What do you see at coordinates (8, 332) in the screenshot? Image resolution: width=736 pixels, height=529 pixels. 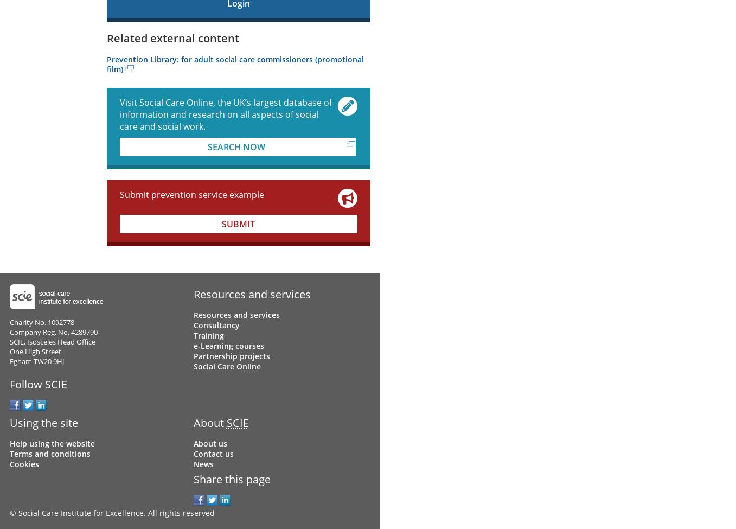 I see `'Company Reg. No. 4289790'` at bounding box center [8, 332].